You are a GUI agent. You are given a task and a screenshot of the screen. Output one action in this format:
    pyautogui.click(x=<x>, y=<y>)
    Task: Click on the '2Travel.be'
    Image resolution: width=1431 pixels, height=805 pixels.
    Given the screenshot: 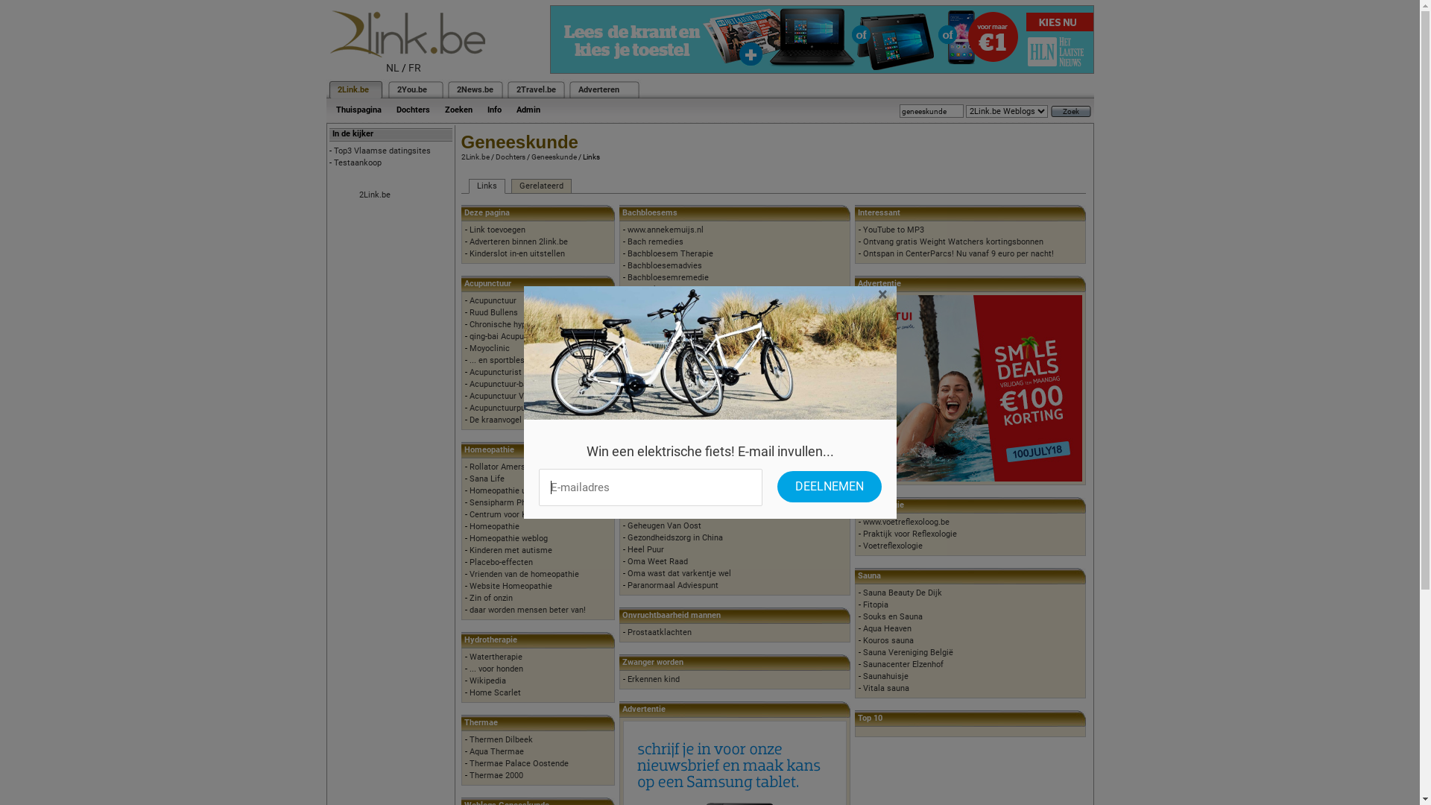 What is the action you would take?
    pyautogui.click(x=535, y=89)
    